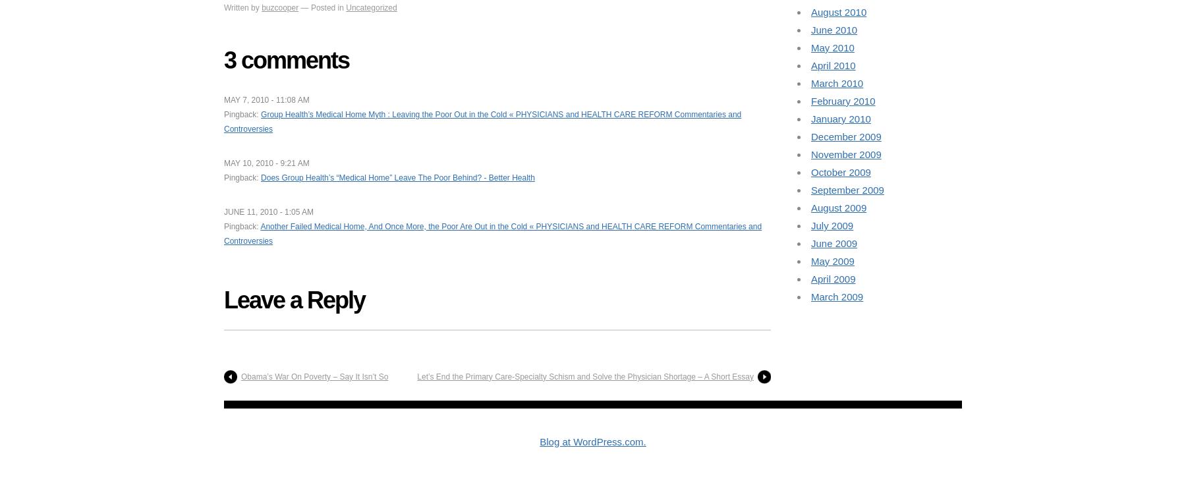 This screenshot has width=1186, height=481. I want to click on 'Obama’s War On Poverty – Say It Isn’t So', so click(240, 376).